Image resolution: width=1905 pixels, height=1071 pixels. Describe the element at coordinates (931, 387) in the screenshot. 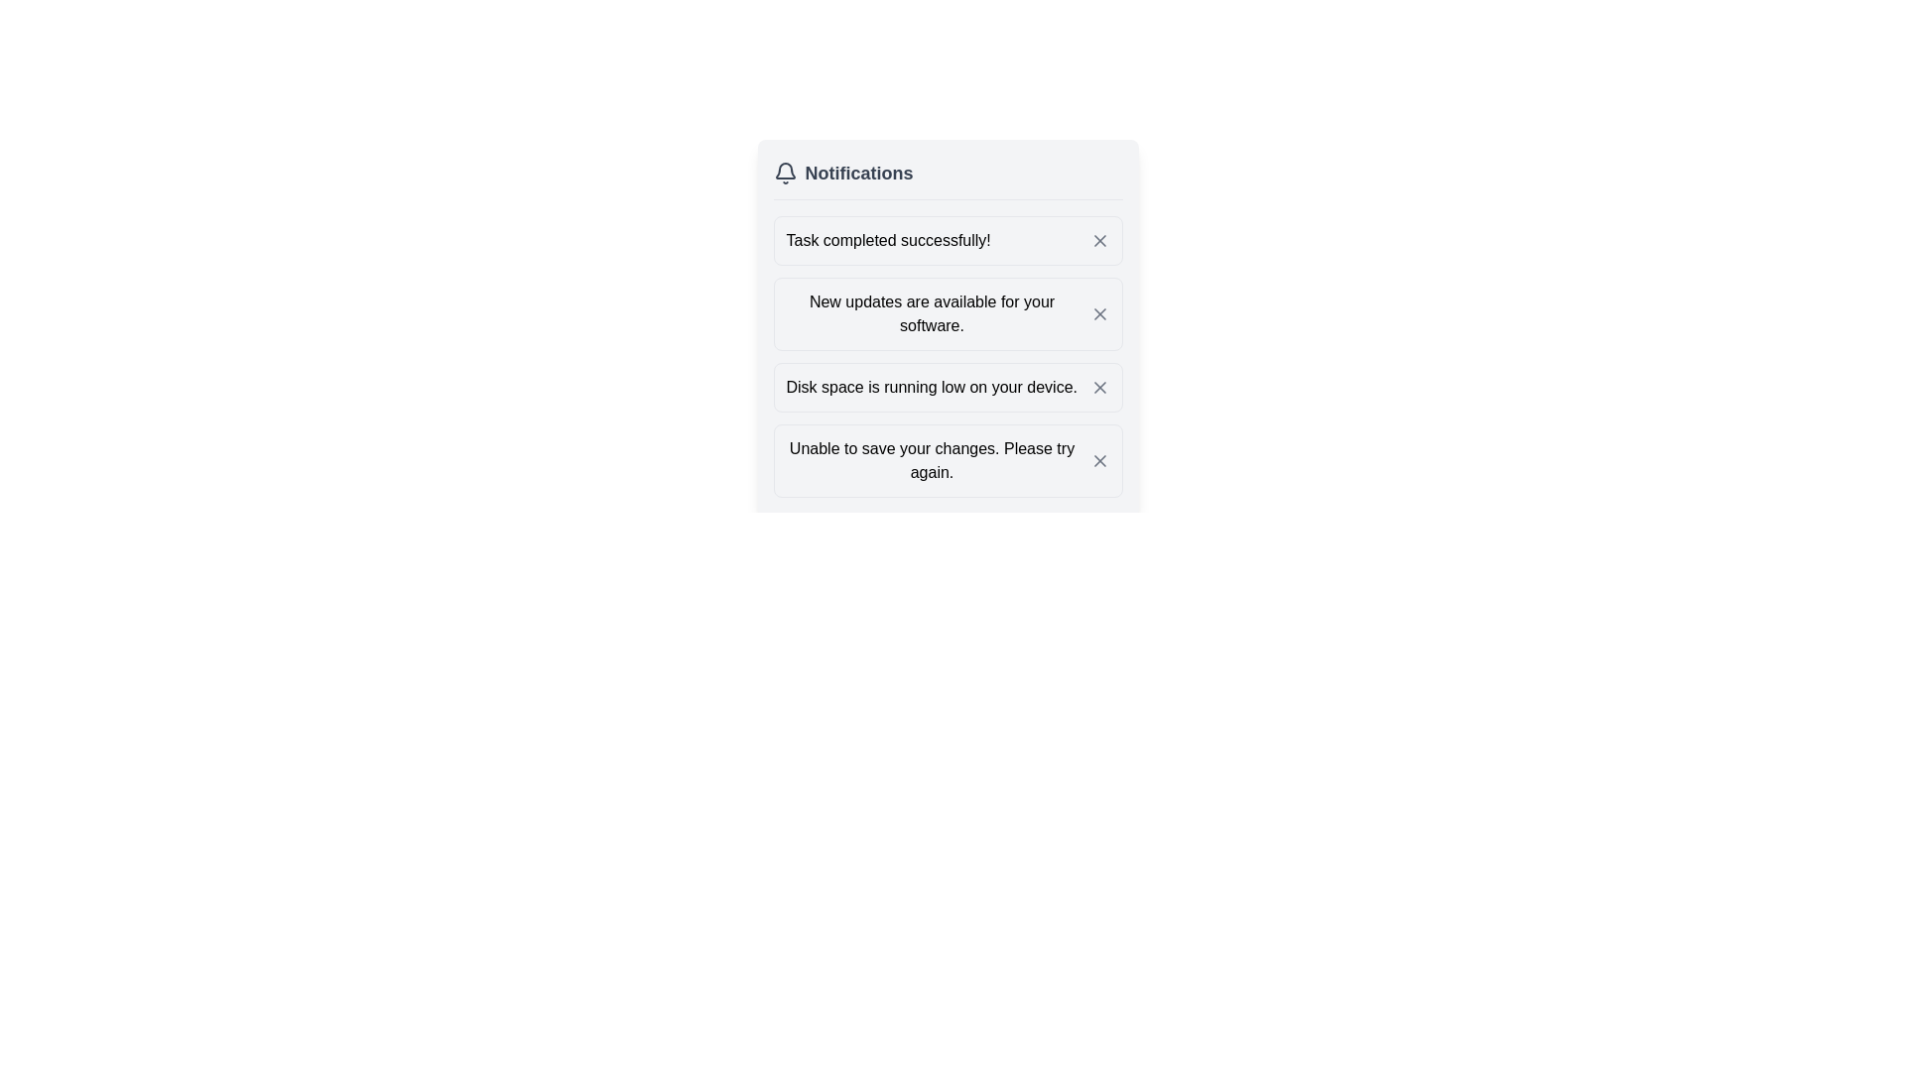

I see `the static text notification displaying 'Disk space is running low on your device.' in the notification panel, which has a highlighted background indicating an alert` at that location.